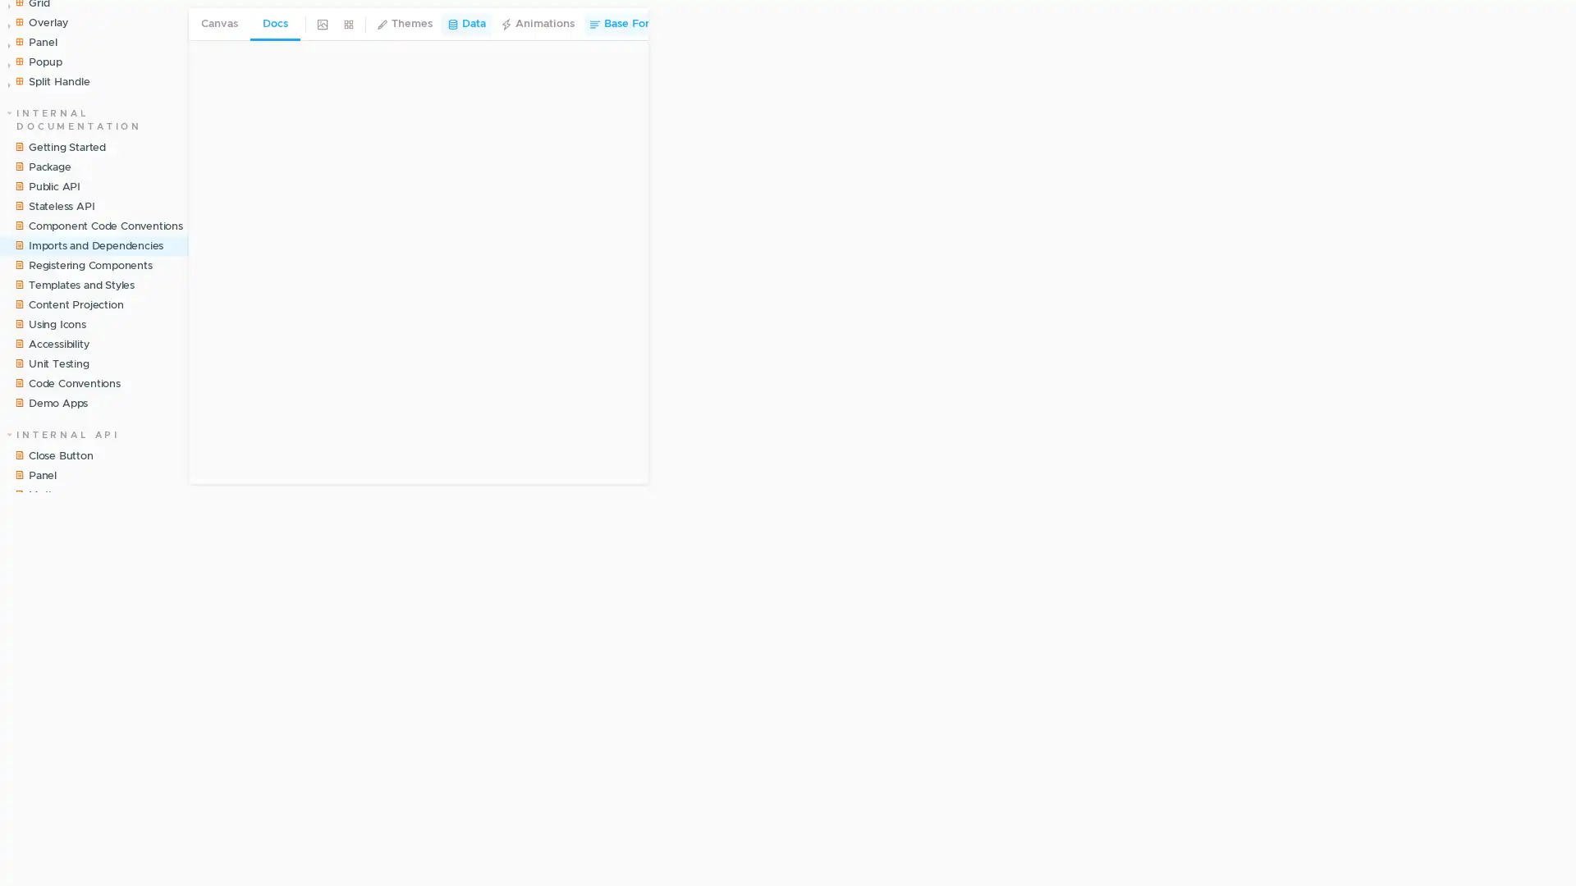 This screenshot has width=1576, height=886. What do you see at coordinates (465, 25) in the screenshot?
I see `Data` at bounding box center [465, 25].